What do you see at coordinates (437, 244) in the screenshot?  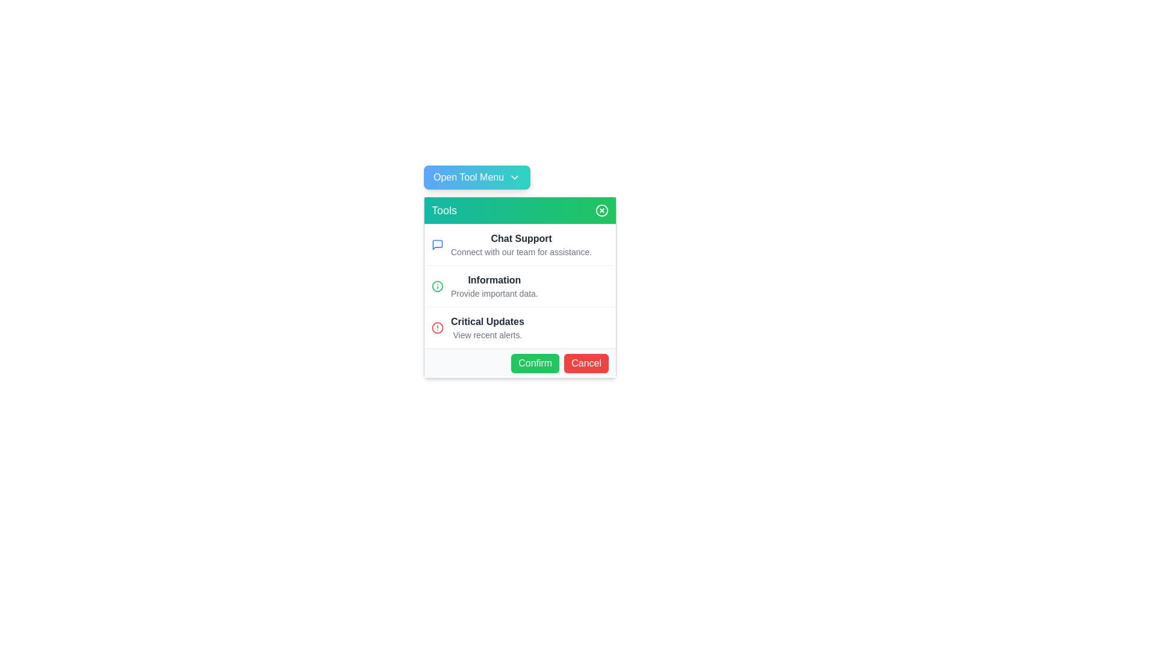 I see `the decorative SVG icon associated with the 'Chat Support' option located on the left-hand side of the item in the vertical list` at bounding box center [437, 244].